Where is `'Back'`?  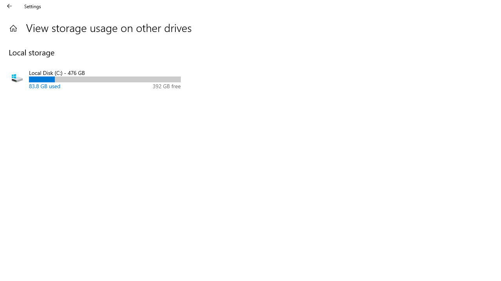
'Back' is located at coordinates (9, 6).